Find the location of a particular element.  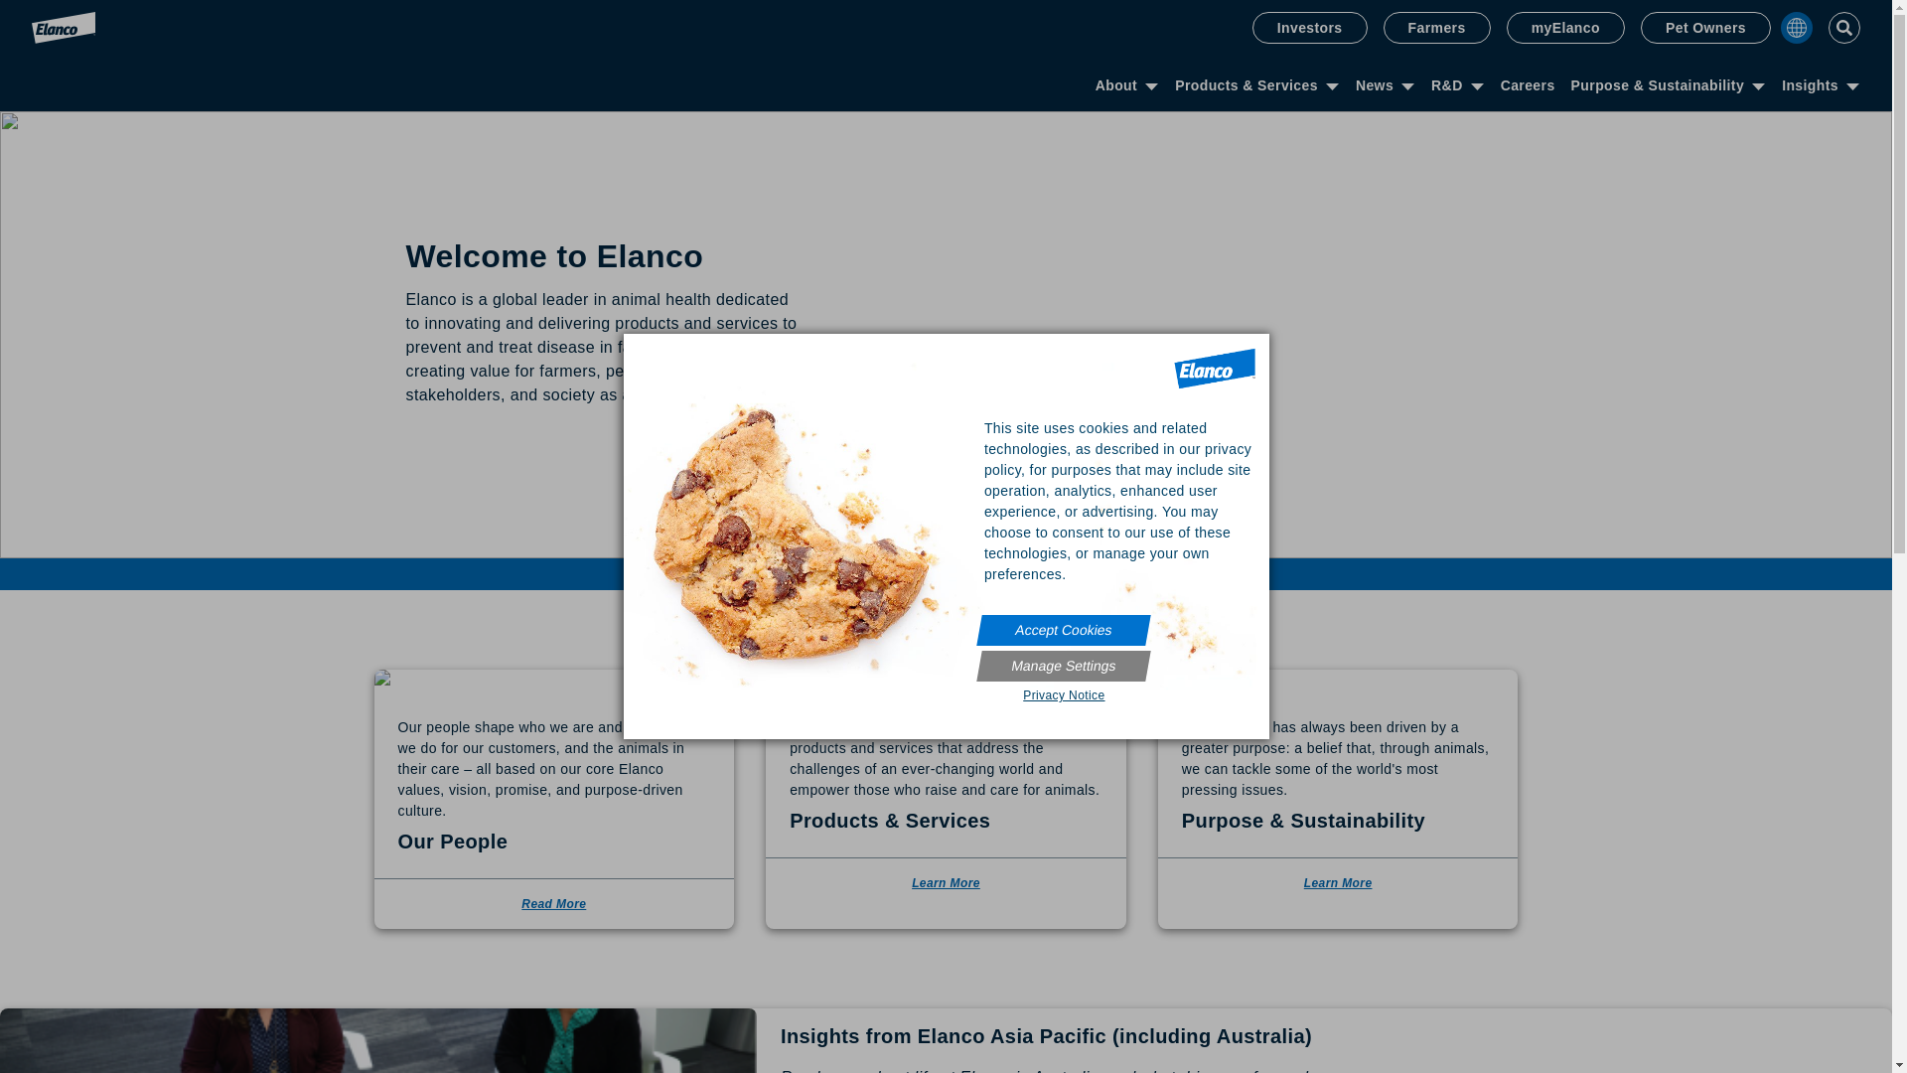

'Careers' is located at coordinates (1527, 86).